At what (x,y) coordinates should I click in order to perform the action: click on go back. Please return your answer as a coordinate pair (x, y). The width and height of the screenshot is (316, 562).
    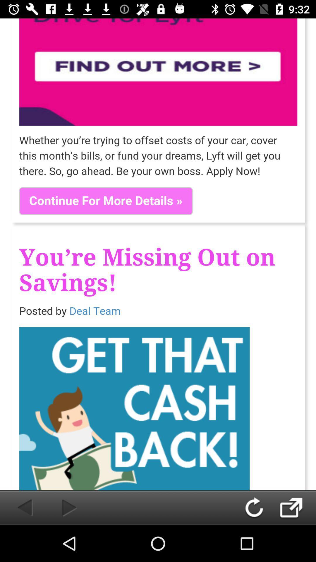
    Looking at the image, I should click on (260, 507).